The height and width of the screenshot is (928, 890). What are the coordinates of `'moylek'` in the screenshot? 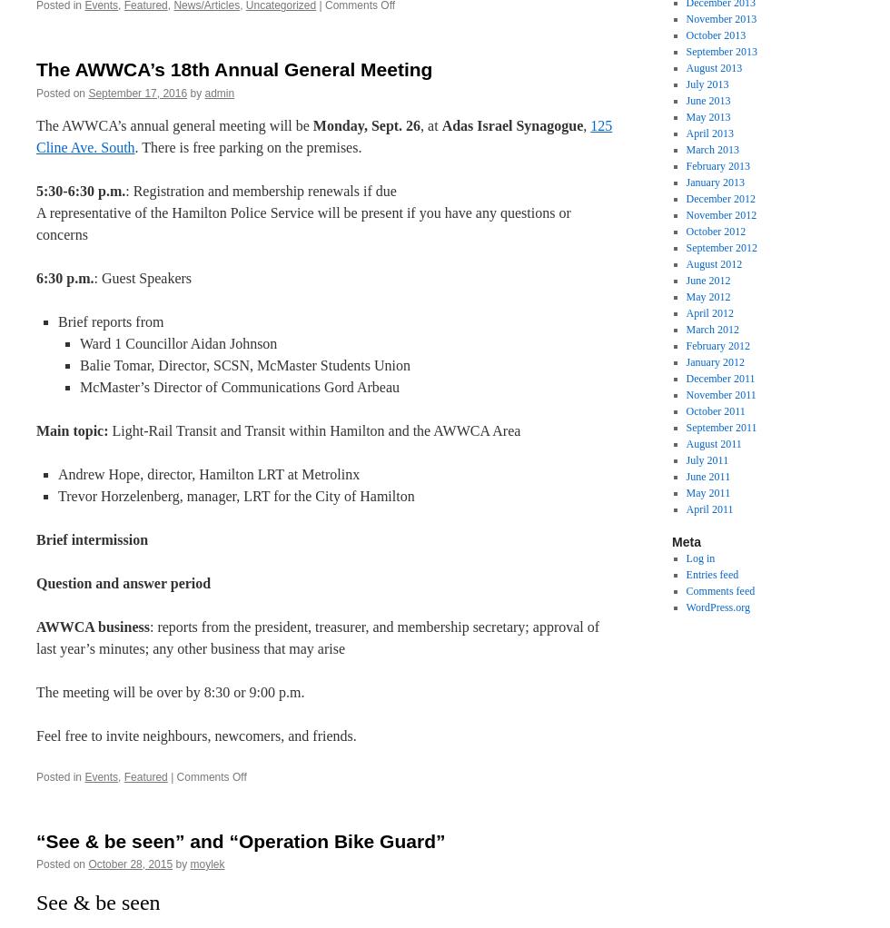 It's located at (190, 862).